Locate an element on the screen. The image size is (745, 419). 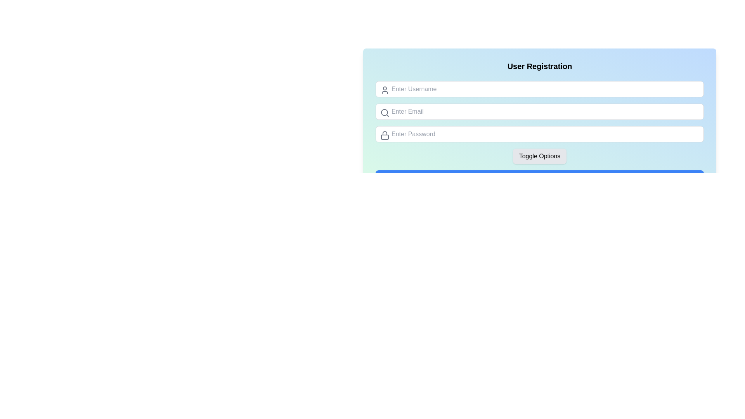
the button located beneath the password input field on the user registration form is located at coordinates (539, 156).